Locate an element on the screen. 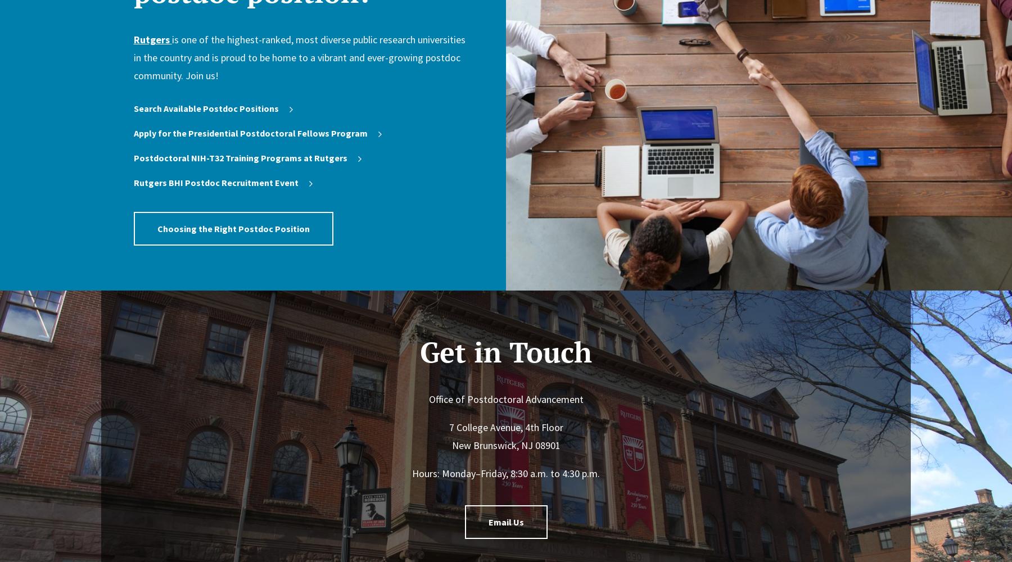 The image size is (1012, 562). 'Hours: Monday–Friday, 8:30 a.m. to 4:30 p.m.' is located at coordinates (506, 473).